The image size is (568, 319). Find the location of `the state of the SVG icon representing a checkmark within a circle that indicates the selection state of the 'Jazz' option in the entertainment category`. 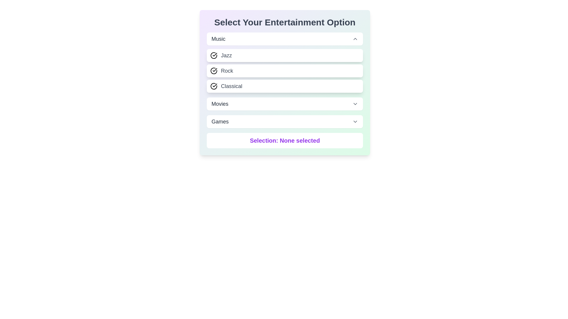

the state of the SVG icon representing a checkmark within a circle that indicates the selection state of the 'Jazz' option in the entertainment category is located at coordinates (214, 56).